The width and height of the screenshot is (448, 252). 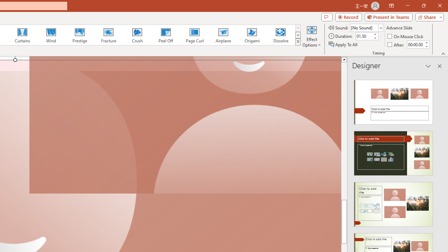 I want to click on 'Wind', so click(x=50, y=35).